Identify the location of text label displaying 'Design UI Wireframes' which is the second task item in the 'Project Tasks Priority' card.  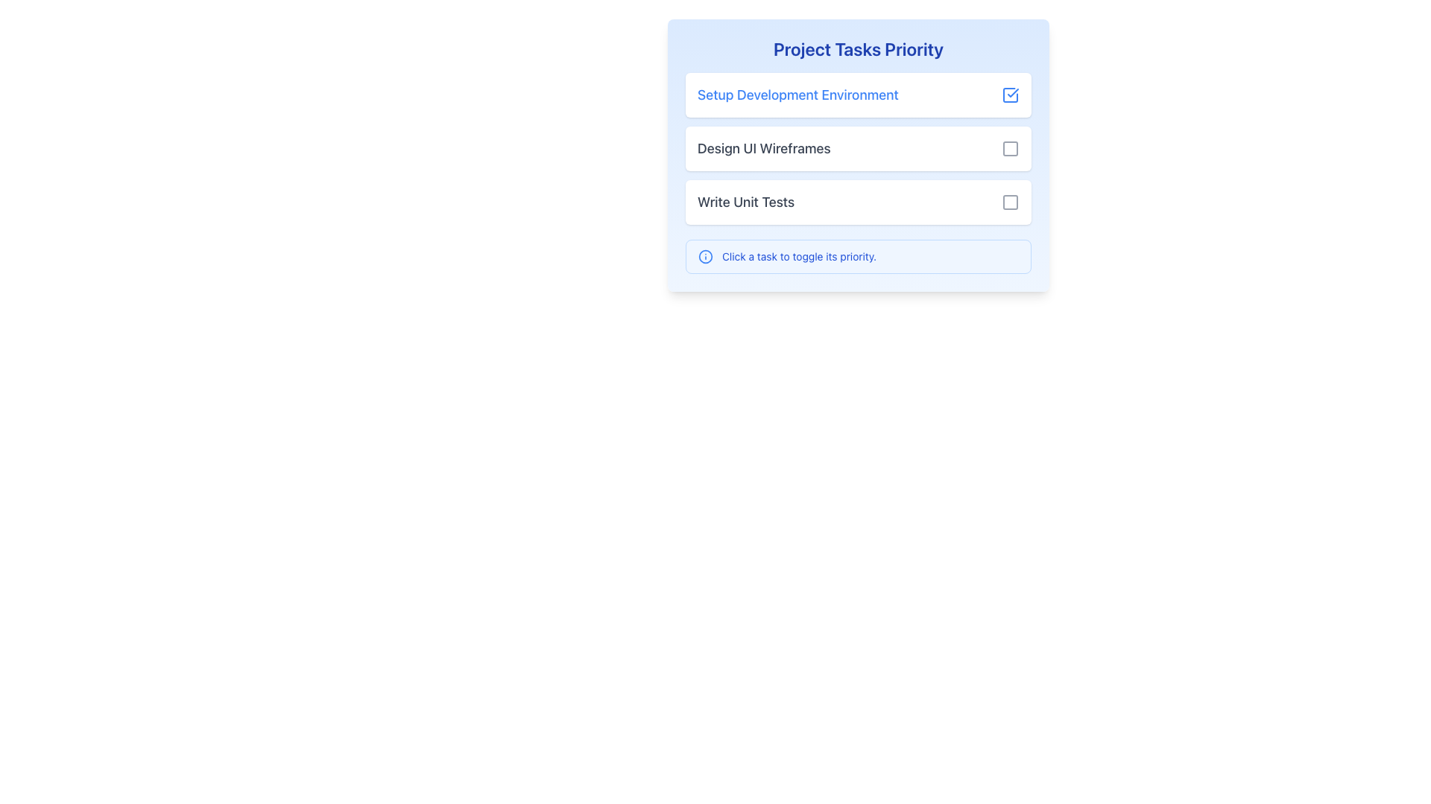
(764, 149).